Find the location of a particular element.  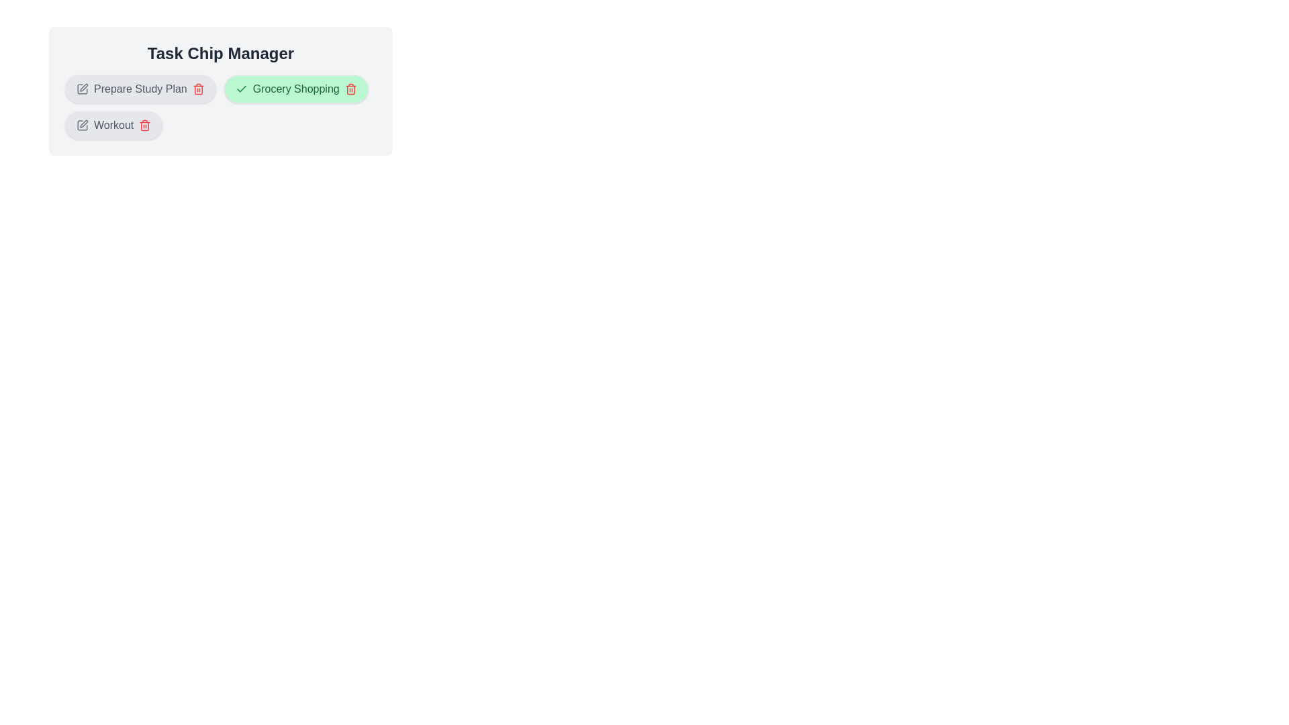

the non-interactive Text label that describes a task within the task chip interface, located centrally within the green-bordered rounded rectangle is located at coordinates (295, 89).